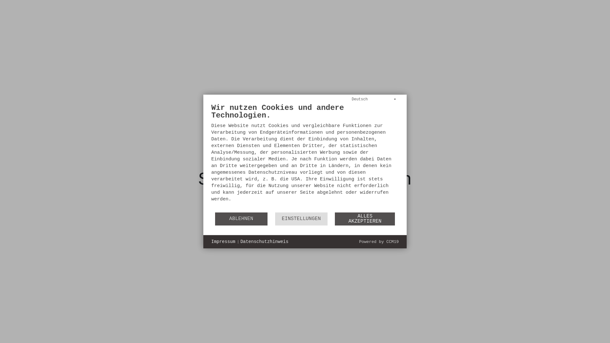  Describe the element at coordinates (264, 242) in the screenshot. I see `'Datenschutzhinweis'` at that location.